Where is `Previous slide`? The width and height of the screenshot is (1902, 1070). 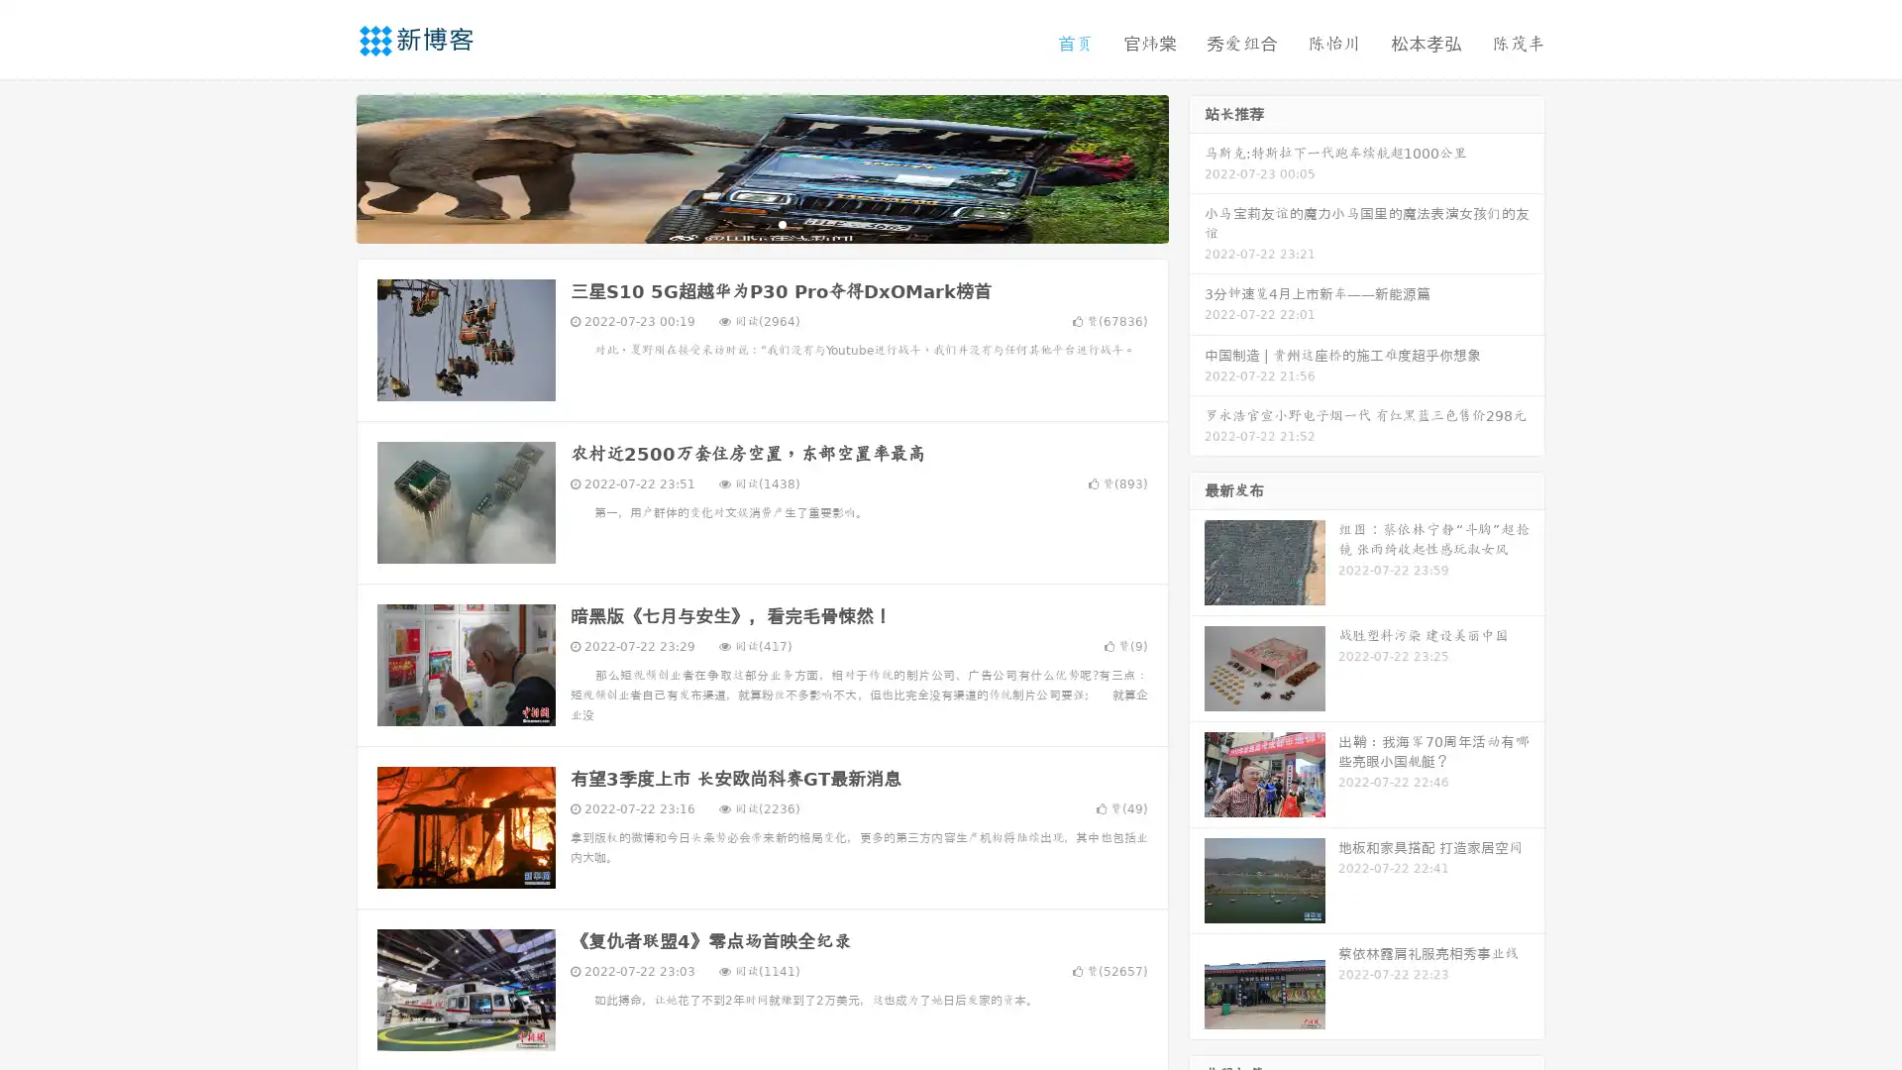 Previous slide is located at coordinates (327, 166).